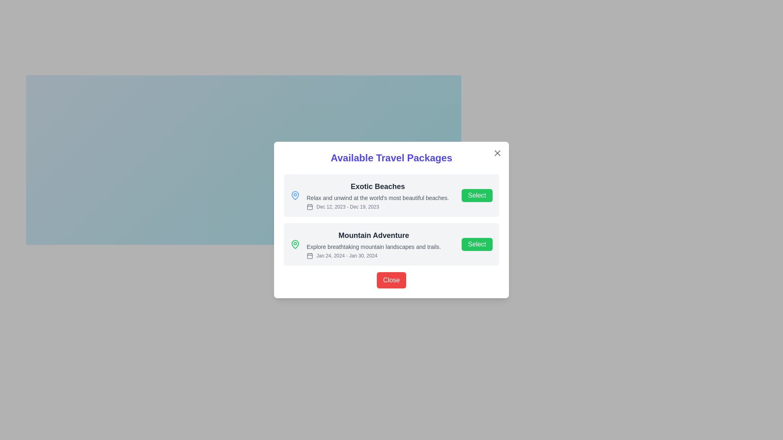 This screenshot has width=783, height=440. What do you see at coordinates (477, 195) in the screenshot?
I see `the vibrant green 'Select' button with rounded corners` at bounding box center [477, 195].